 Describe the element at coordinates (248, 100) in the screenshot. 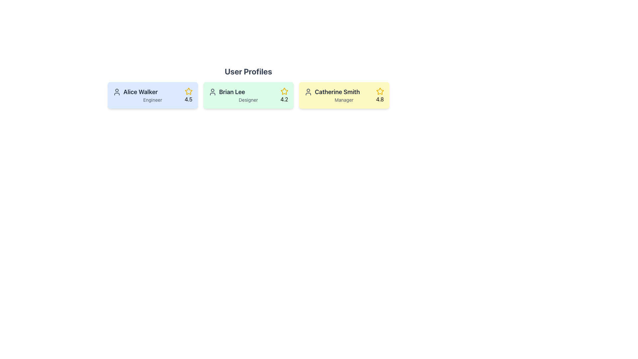

I see `the text label that specifies the role as 'Designer', located beneath the name 'Brian Lee' and above the rating '4.2' in the second profile card from the left in the 'User Profiles' row` at that location.